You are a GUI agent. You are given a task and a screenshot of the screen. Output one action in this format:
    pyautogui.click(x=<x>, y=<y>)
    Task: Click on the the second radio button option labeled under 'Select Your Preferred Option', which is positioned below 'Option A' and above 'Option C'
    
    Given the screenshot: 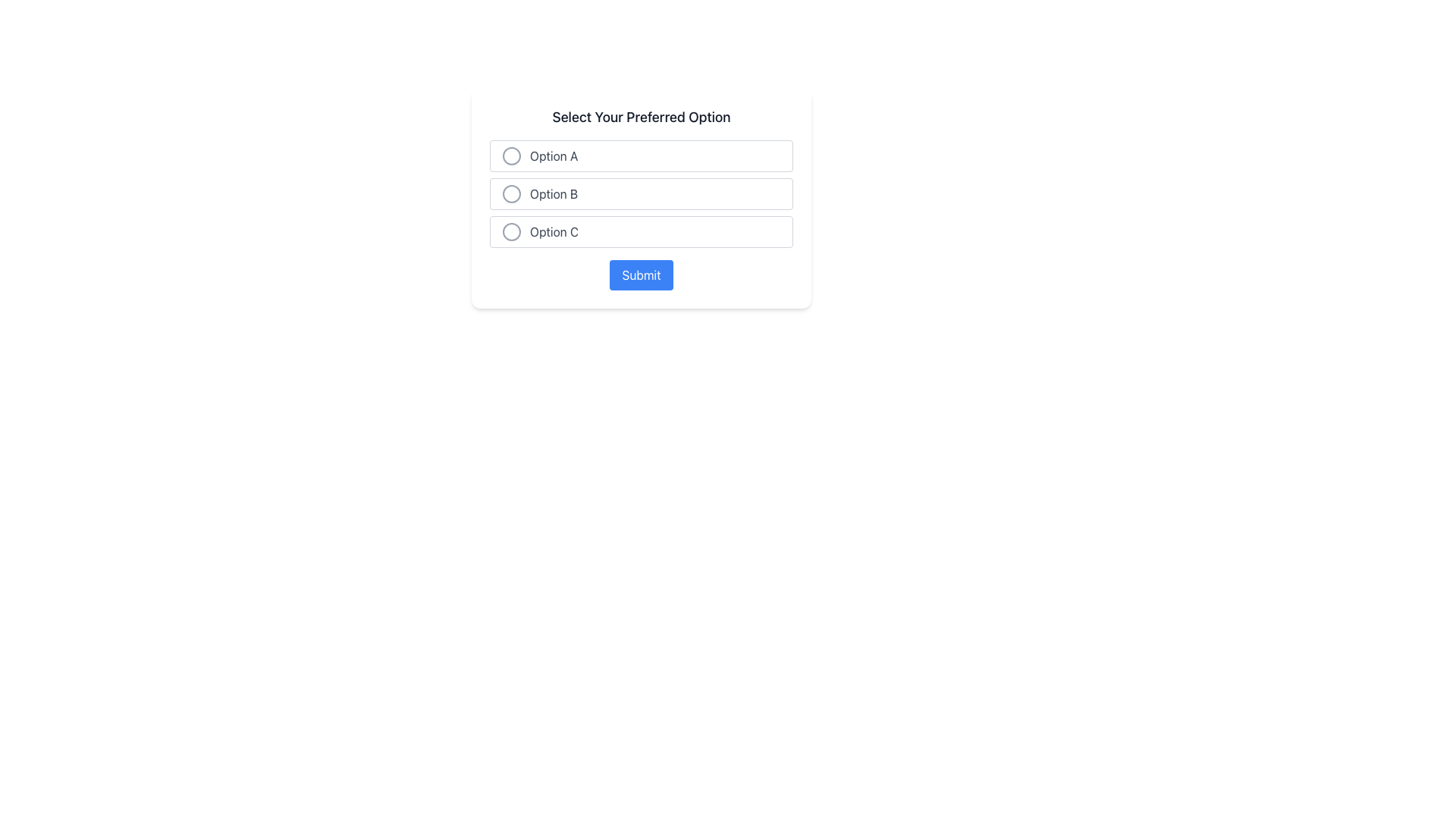 What is the action you would take?
    pyautogui.click(x=641, y=193)
    